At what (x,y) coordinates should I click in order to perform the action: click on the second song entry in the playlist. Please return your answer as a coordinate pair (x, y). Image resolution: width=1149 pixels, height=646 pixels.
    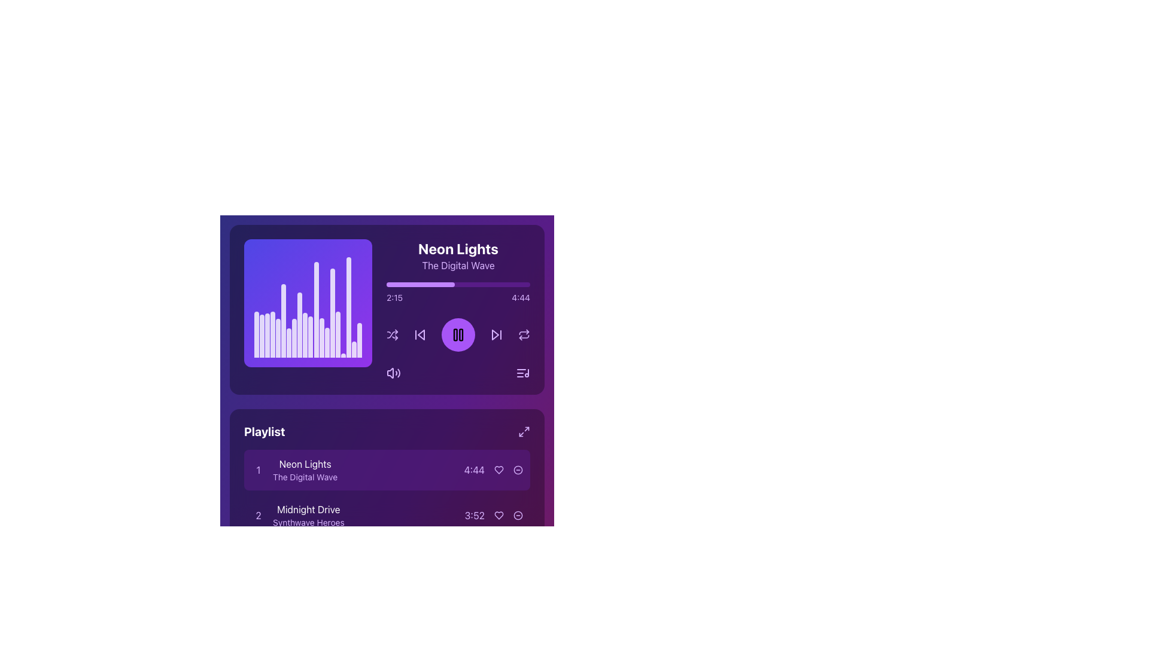
    Looking at the image, I should click on (387, 514).